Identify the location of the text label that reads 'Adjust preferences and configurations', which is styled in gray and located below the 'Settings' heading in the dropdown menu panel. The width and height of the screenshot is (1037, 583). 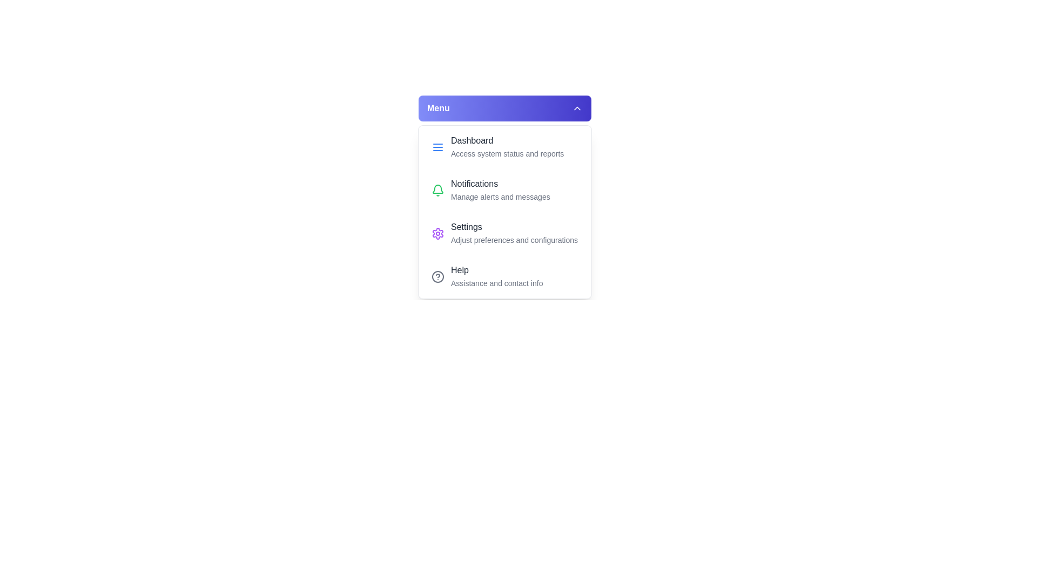
(514, 239).